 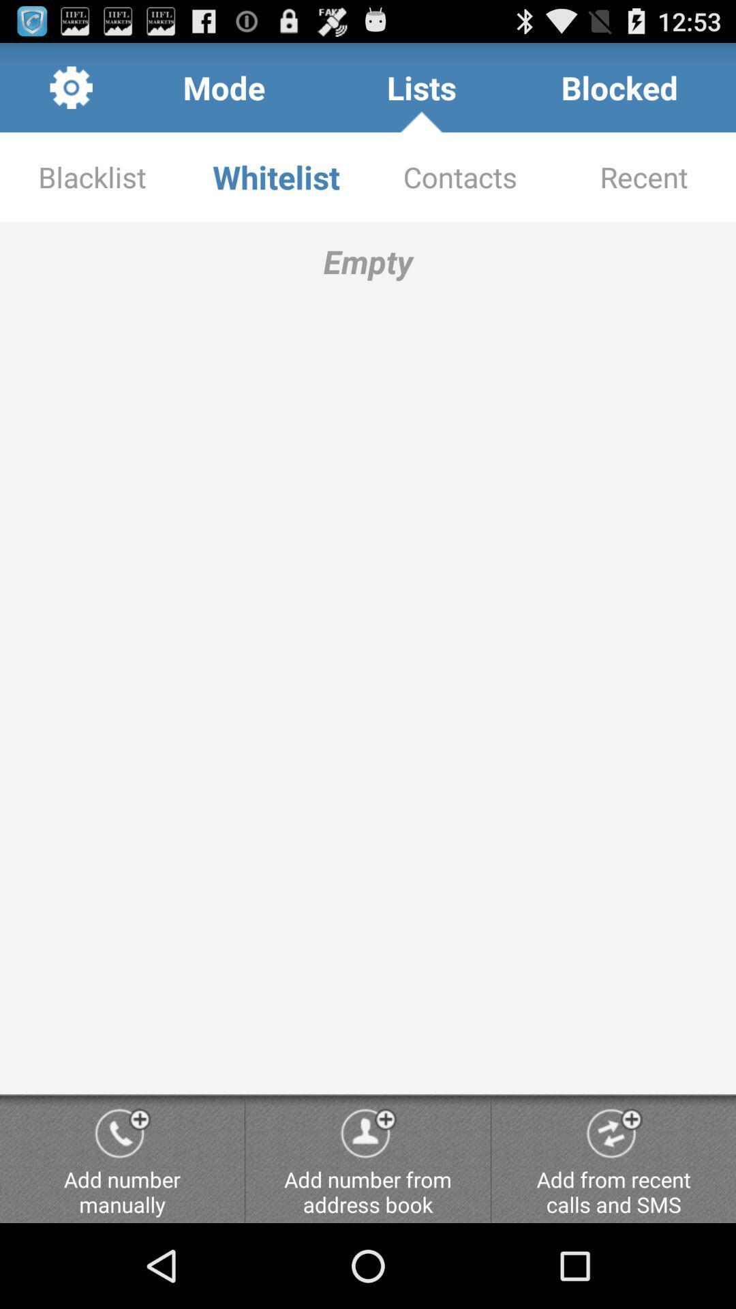 I want to click on the icon to the left of the blocked icon, so click(x=421, y=87).